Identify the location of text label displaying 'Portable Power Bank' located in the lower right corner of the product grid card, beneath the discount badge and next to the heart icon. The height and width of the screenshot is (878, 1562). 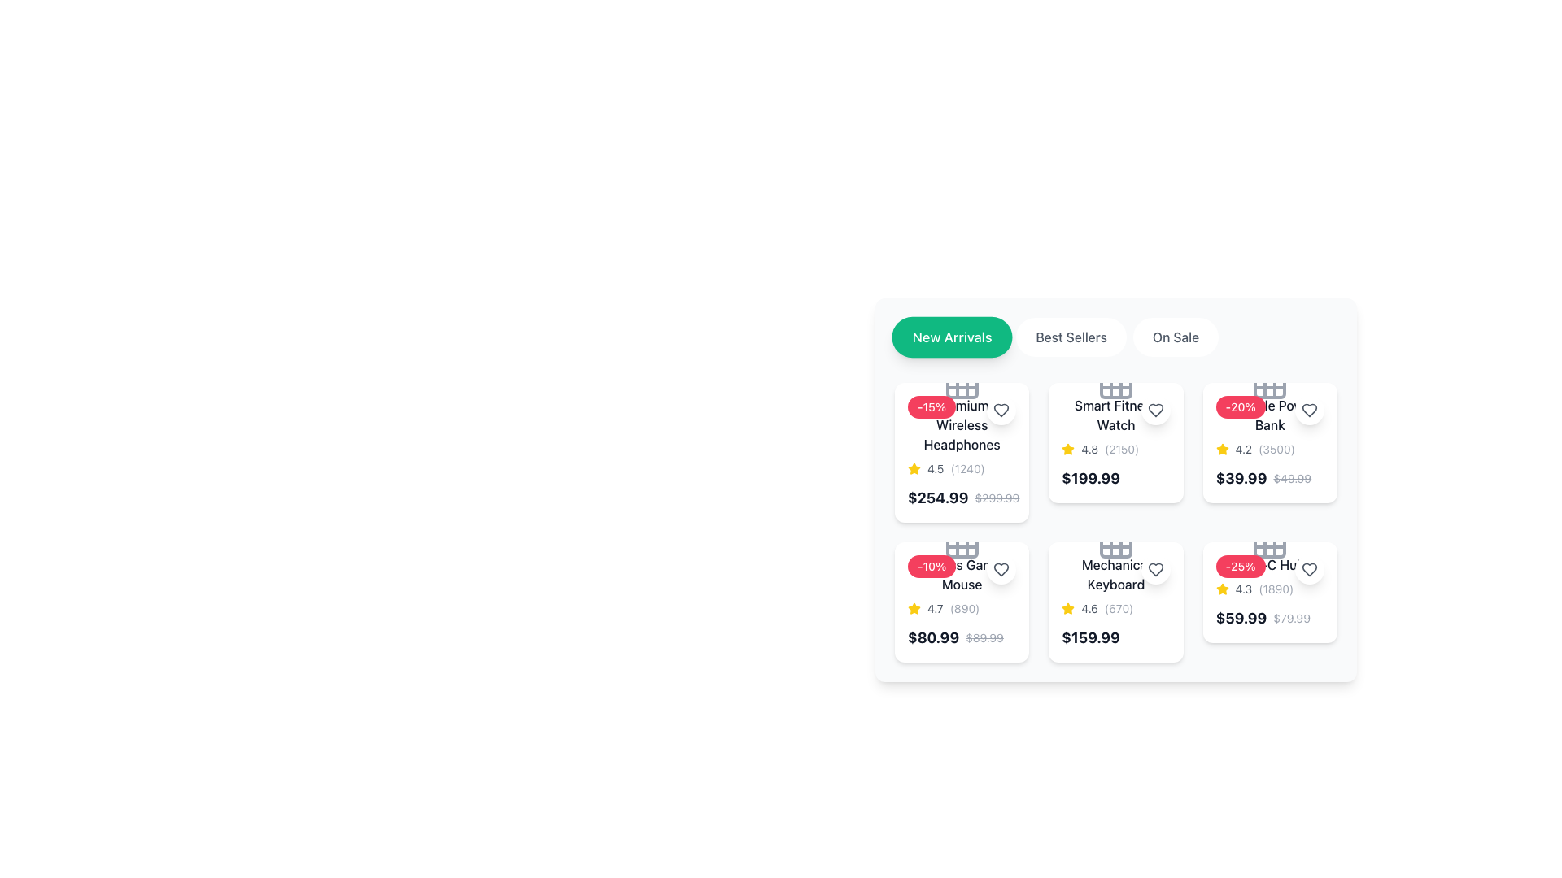
(1269, 414).